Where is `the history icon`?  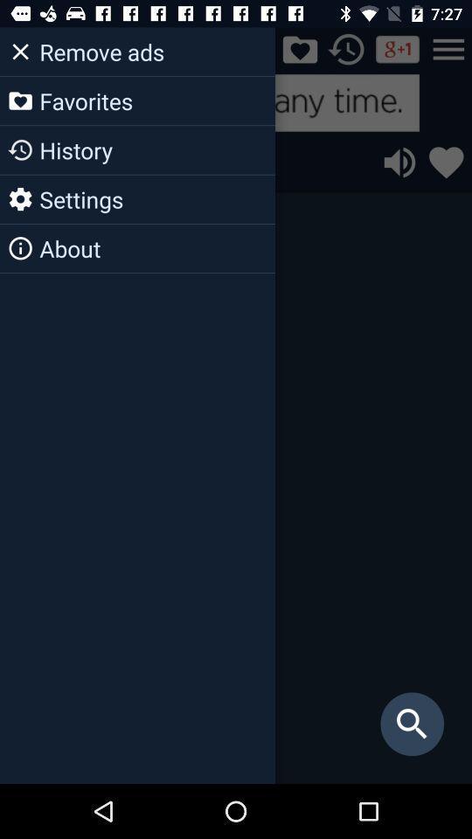
the history icon is located at coordinates (346, 48).